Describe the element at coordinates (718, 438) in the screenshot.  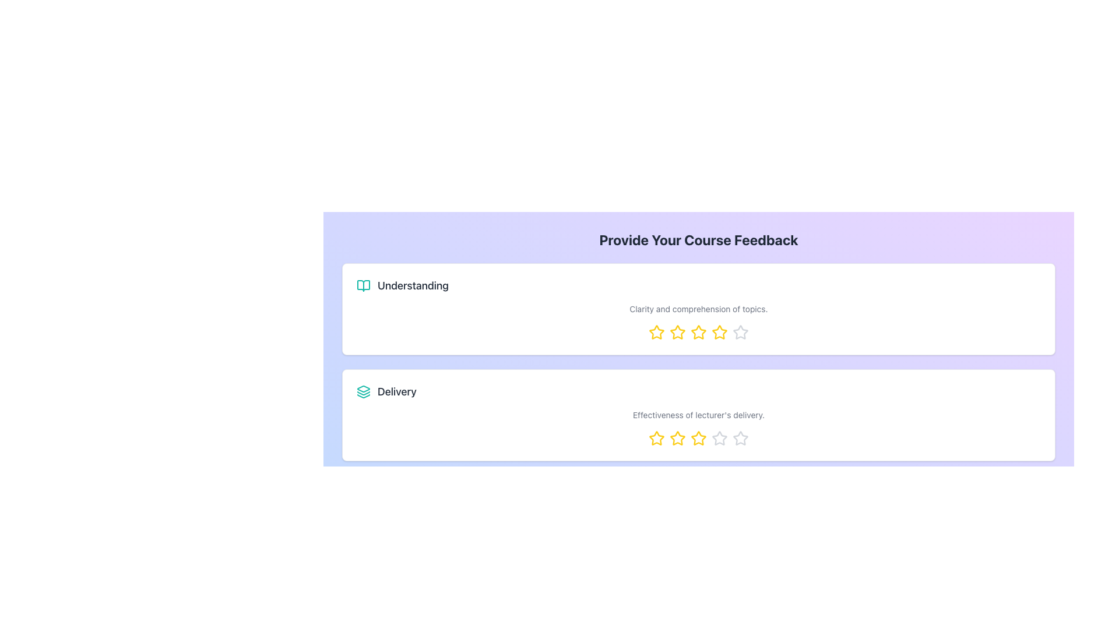
I see `the fourth star in the rating row under the 'Delivery' feedback category to give a rating` at that location.